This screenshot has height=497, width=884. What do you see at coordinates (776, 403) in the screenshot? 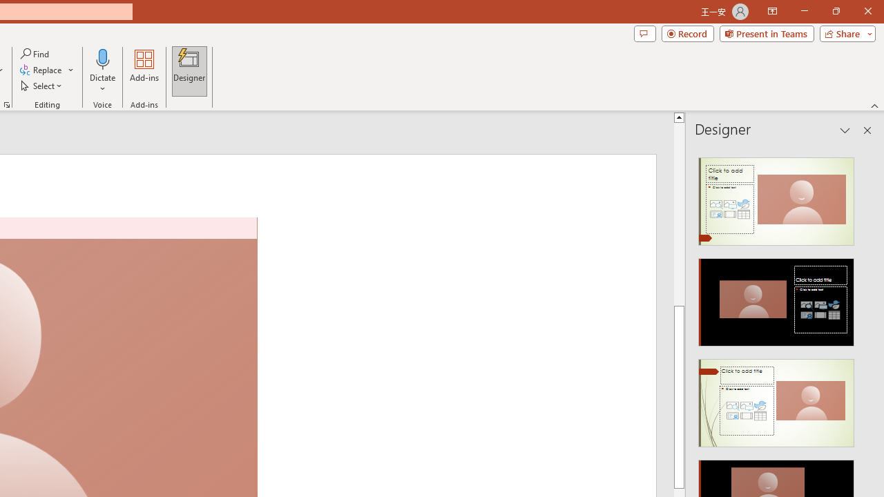
I see `'Class: NetUIImage'` at bounding box center [776, 403].